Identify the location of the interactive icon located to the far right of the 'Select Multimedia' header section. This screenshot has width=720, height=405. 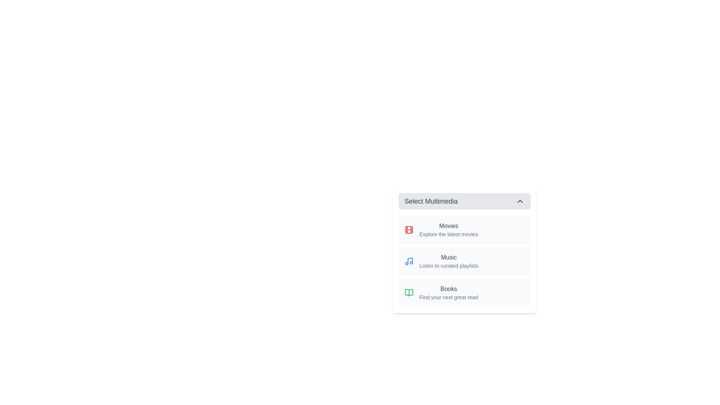
(519, 201).